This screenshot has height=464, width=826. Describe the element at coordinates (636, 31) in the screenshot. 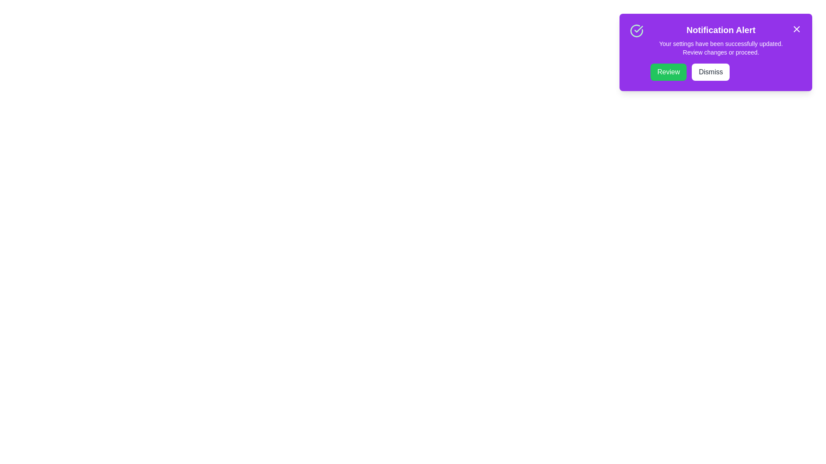

I see `the success indicator icon located at the top-left corner of the 'Notification Alert' box` at that location.